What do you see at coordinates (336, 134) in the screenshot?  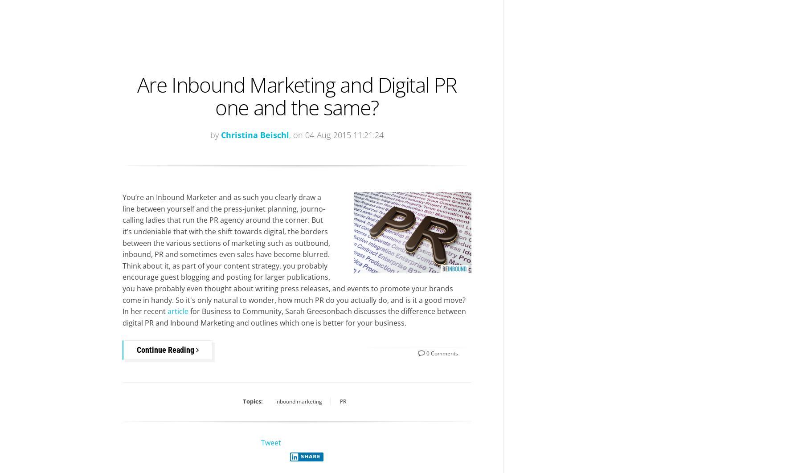 I see `', on 04-Aug-2015 11:21:24'` at bounding box center [336, 134].